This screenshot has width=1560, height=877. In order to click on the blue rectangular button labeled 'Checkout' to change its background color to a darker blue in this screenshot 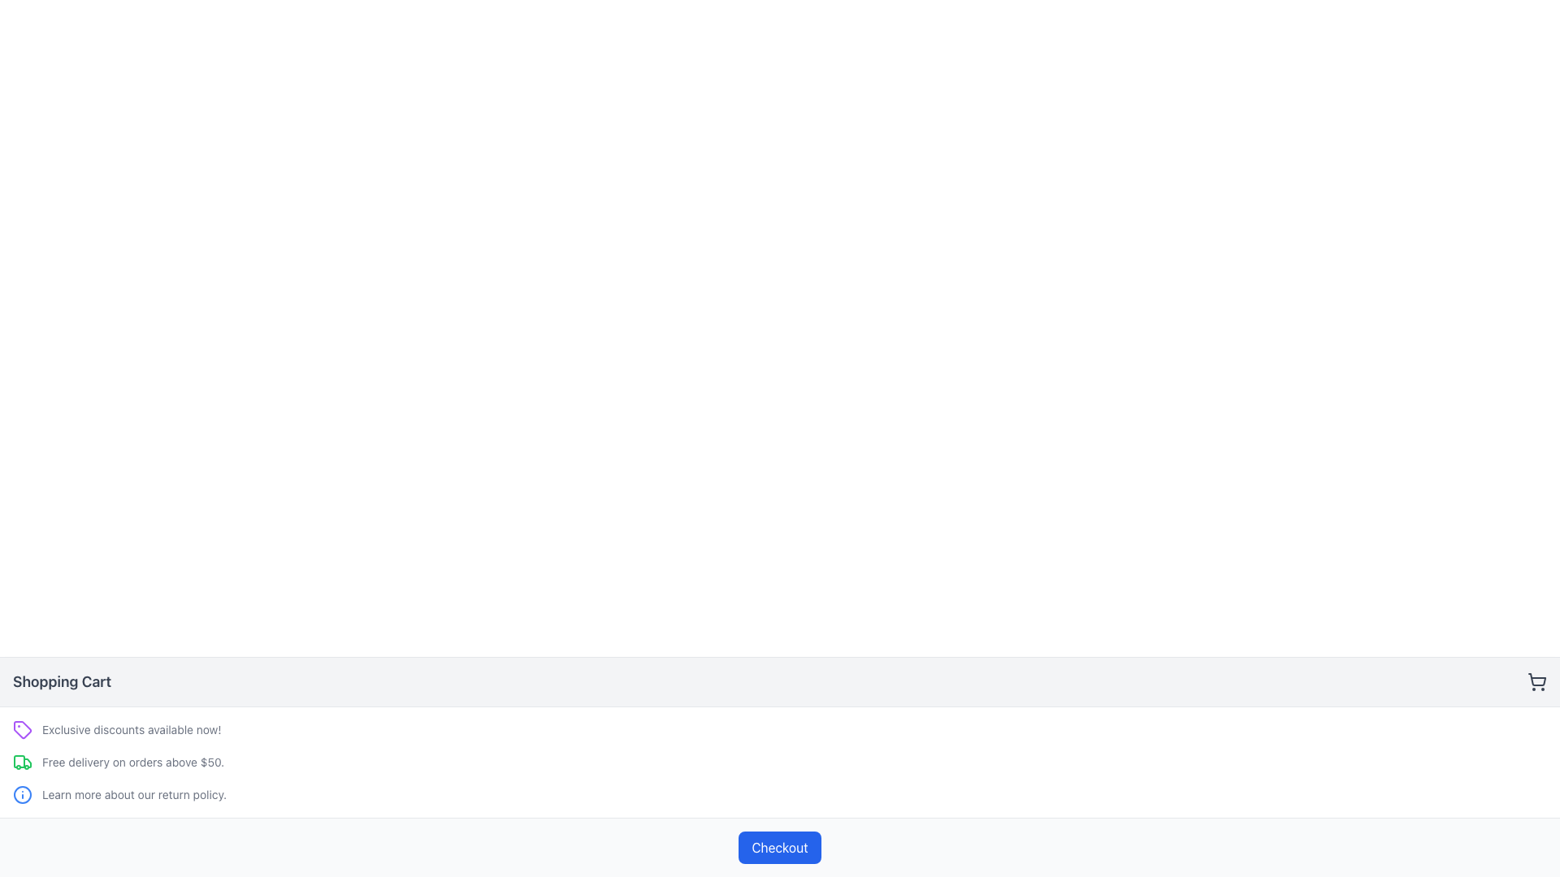, I will do `click(780, 847)`.